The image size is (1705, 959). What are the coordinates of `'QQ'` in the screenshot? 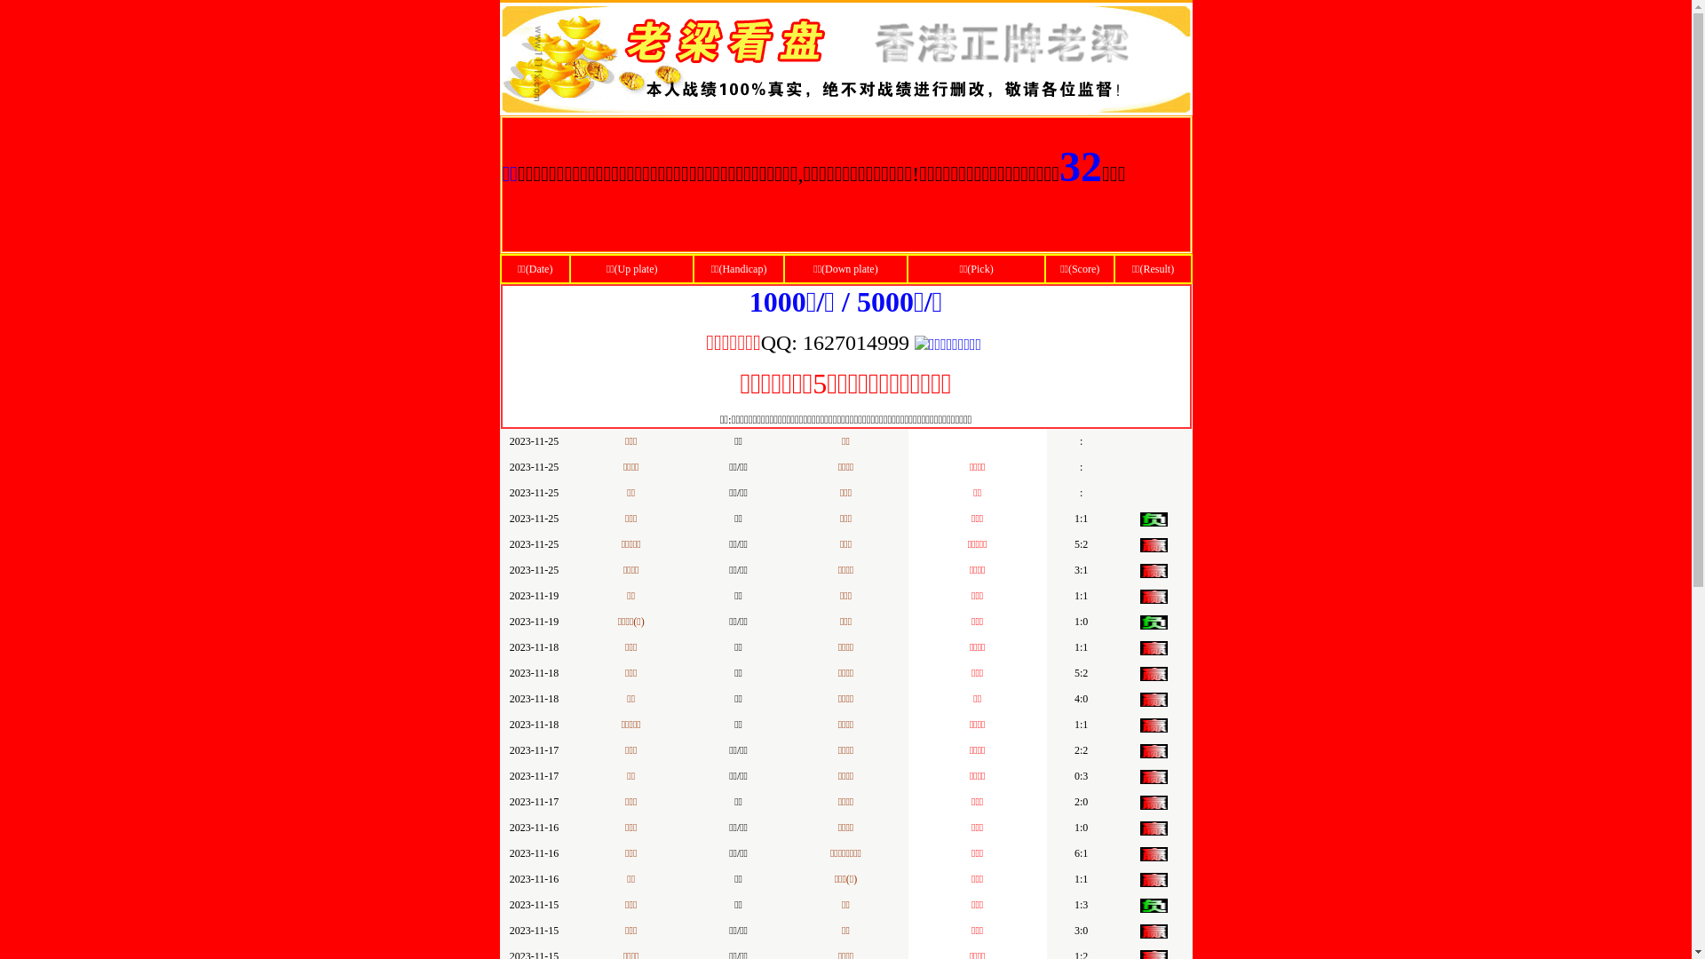 It's located at (761, 345).